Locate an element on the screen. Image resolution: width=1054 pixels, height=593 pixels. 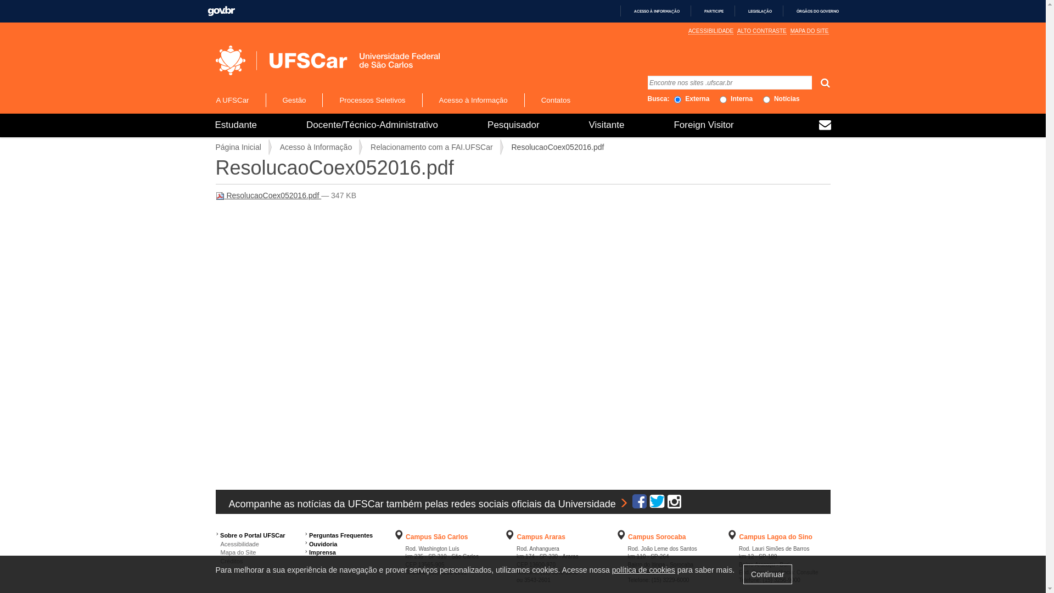
'Encontre nos sites .ufscar.br' is located at coordinates (730, 82).